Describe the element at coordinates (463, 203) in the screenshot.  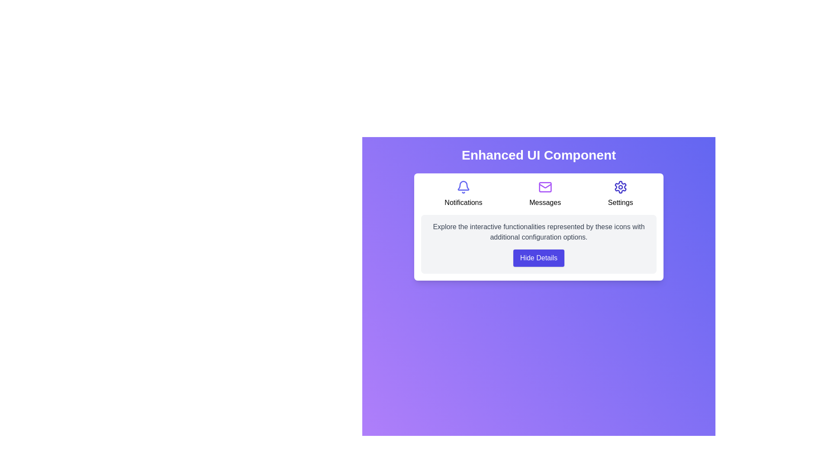
I see `the Text Label indicating the function of the bell icon, which is the first element in a row of three labeled 'Messages' and 'Settings'` at that location.